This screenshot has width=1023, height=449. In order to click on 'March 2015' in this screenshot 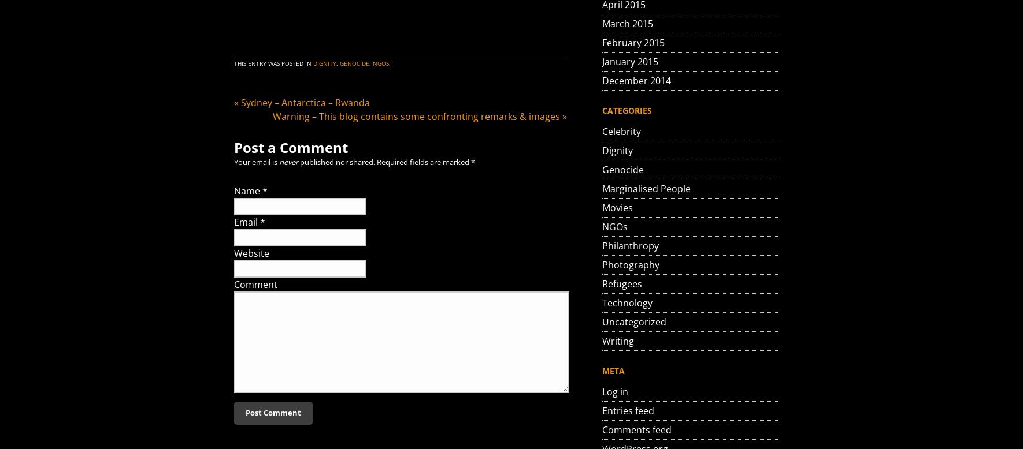, I will do `click(628, 24)`.